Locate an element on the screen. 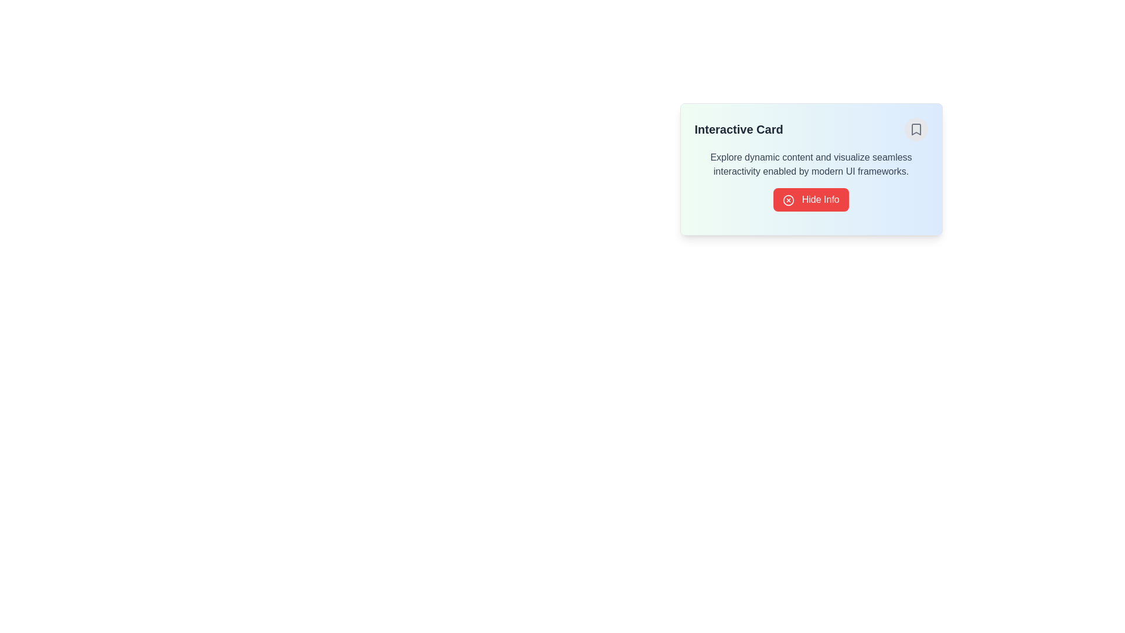 The width and height of the screenshot is (1125, 633). the button located below the descriptive text 'Explore dynamic content and visualize seamless interactivity enabled by modern UI frameworks.' to hide additional information is located at coordinates (810, 199).